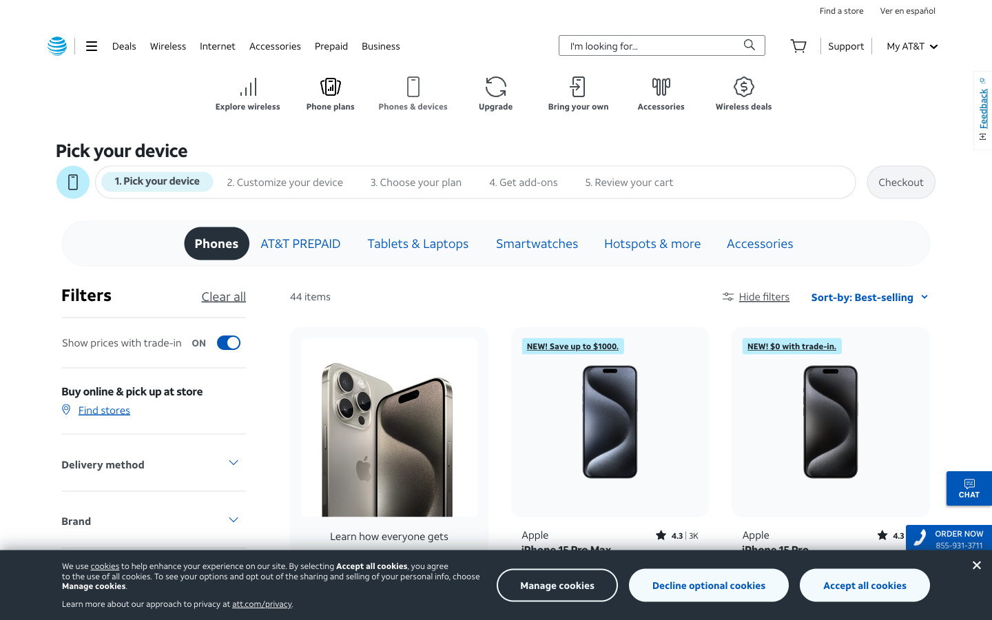 This screenshot has width=992, height=620. I want to click on Visit the customer help section, so click(845, 45).